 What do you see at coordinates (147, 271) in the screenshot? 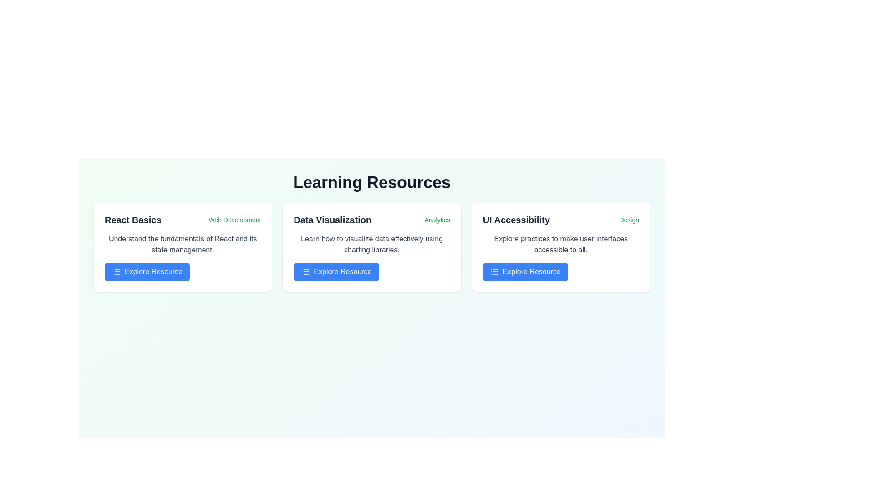
I see `the button located at the bottom-left corner of the 'React Basics' card` at bounding box center [147, 271].